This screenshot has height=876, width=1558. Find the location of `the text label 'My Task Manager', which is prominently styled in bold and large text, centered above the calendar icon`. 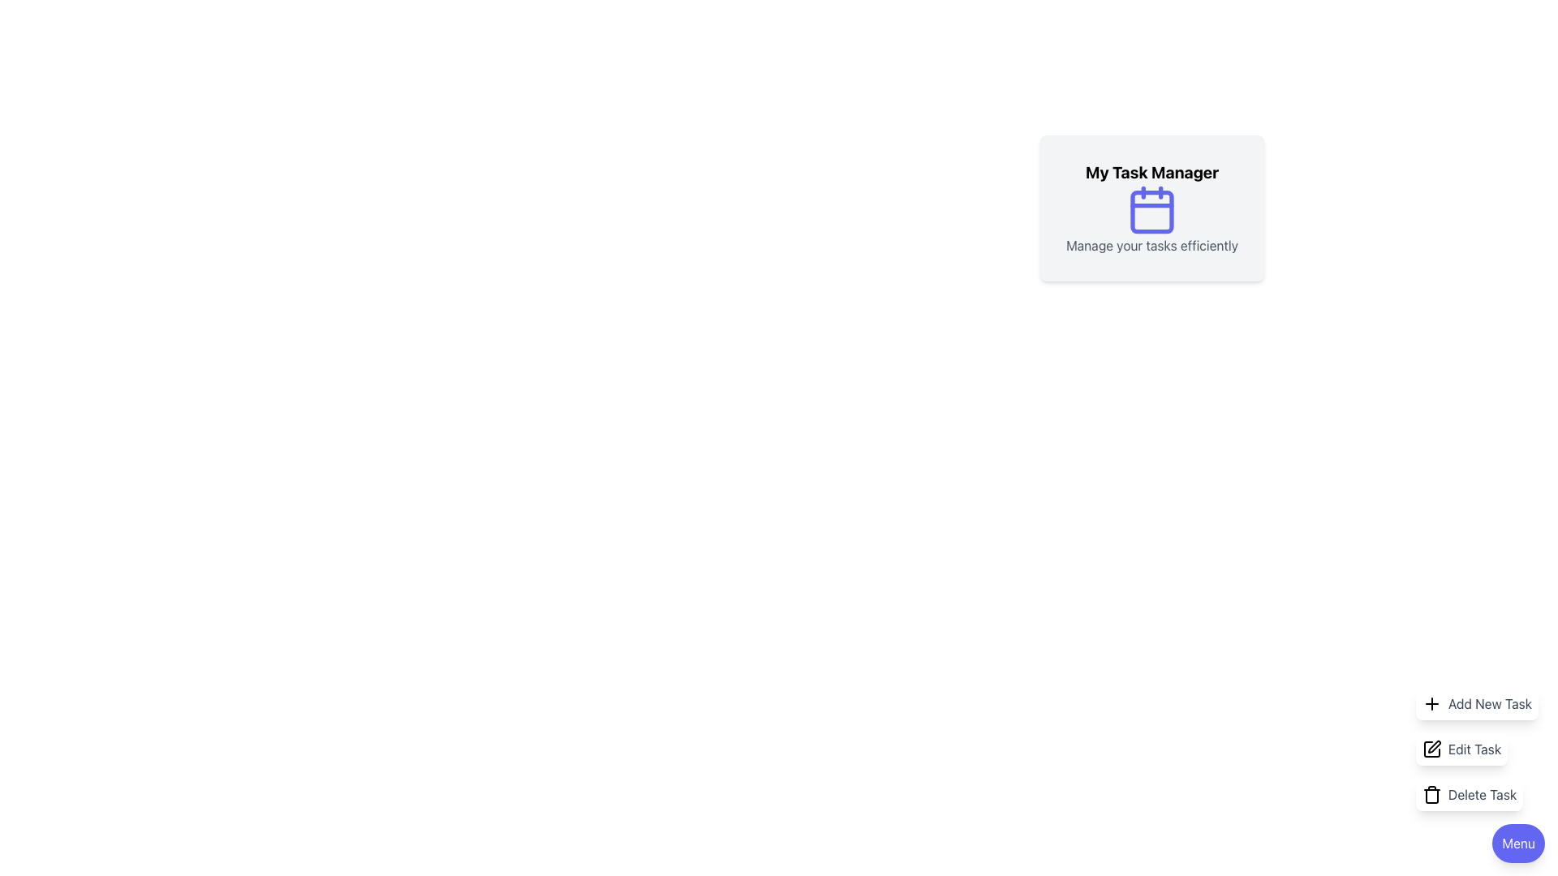

the text label 'My Task Manager', which is prominently styled in bold and large text, centered above the calendar icon is located at coordinates (1151, 172).